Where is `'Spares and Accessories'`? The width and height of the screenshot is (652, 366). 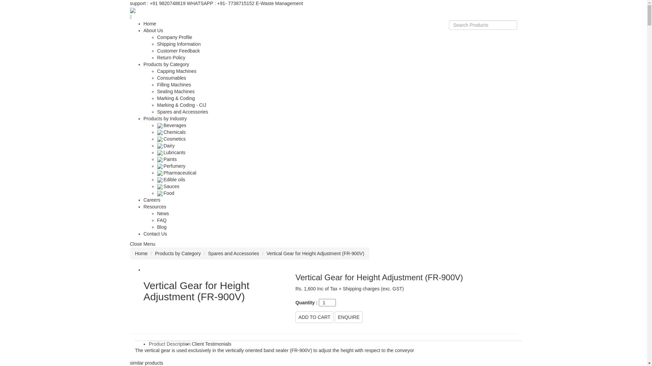
'Spares and Accessories' is located at coordinates (182, 111).